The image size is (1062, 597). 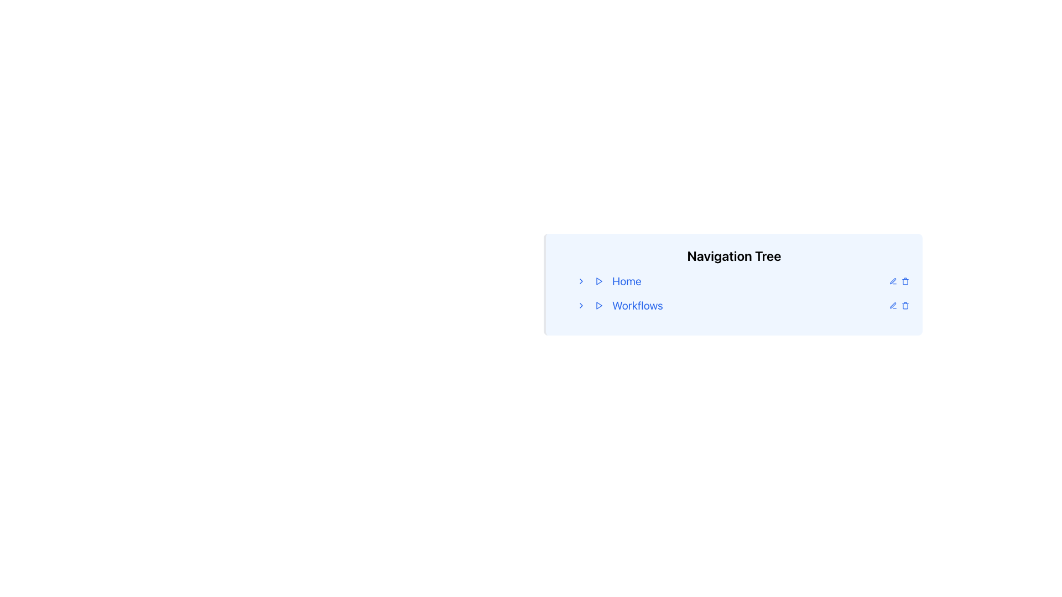 I want to click on the pen icon button located at the bottom-right corner of the 'Navigation Tree' box, so click(x=893, y=305).